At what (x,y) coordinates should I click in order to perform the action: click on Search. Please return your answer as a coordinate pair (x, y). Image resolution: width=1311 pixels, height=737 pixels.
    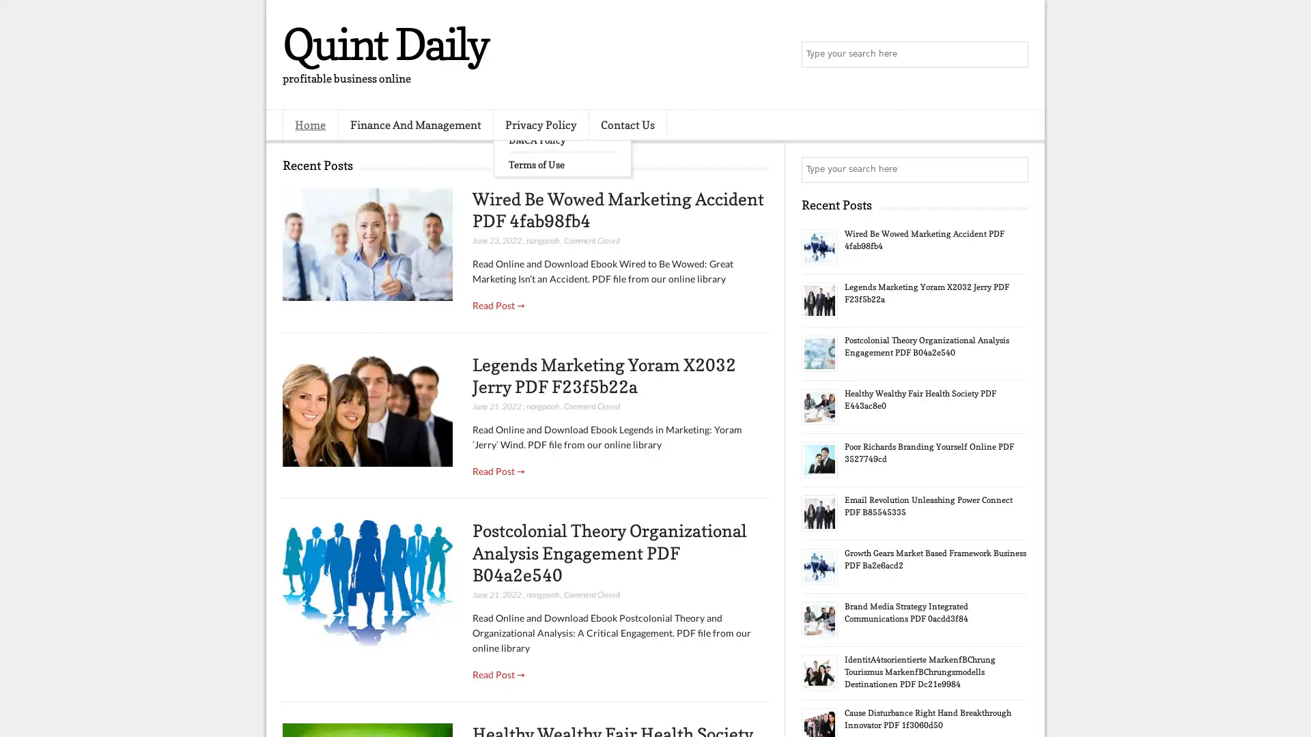
    Looking at the image, I should click on (1014, 169).